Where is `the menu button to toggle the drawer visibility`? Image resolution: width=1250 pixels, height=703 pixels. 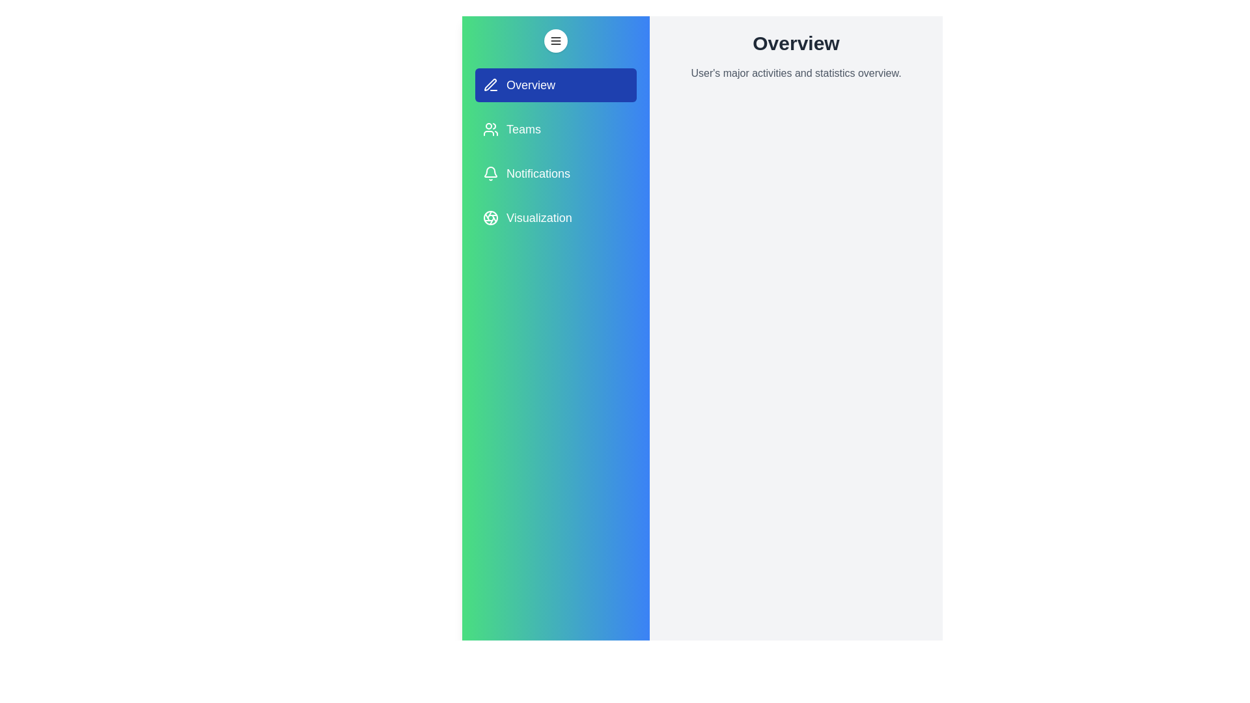
the menu button to toggle the drawer visibility is located at coordinates (556, 40).